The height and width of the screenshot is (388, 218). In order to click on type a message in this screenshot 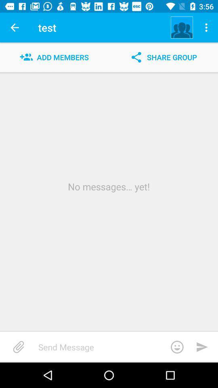, I will do `click(113, 346)`.